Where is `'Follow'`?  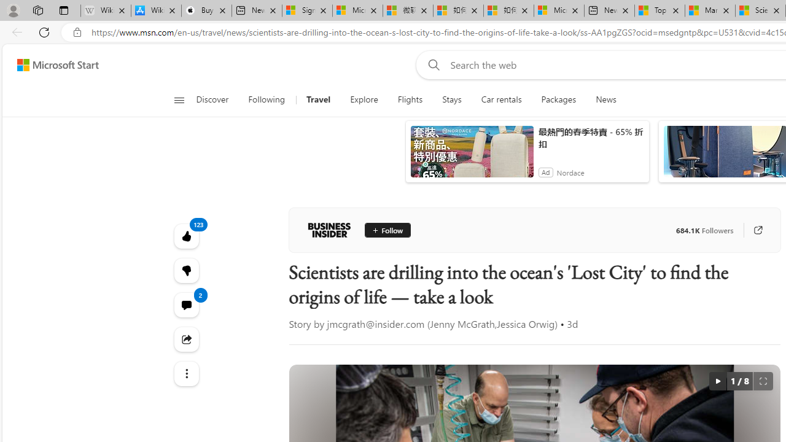 'Follow' is located at coordinates (387, 230).